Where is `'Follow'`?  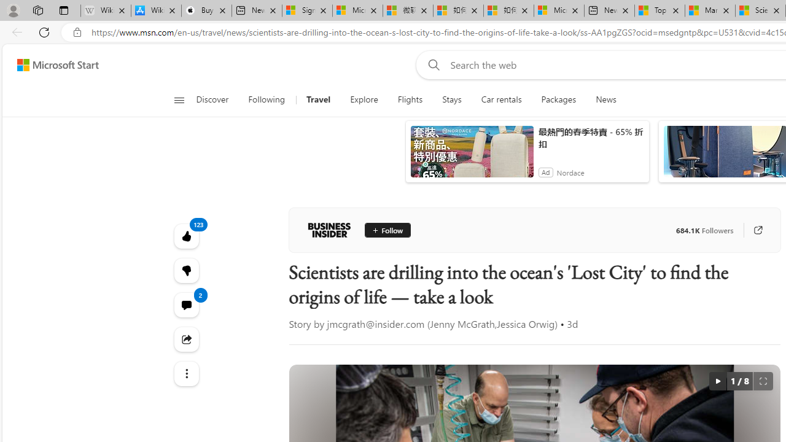 'Follow' is located at coordinates (387, 230).